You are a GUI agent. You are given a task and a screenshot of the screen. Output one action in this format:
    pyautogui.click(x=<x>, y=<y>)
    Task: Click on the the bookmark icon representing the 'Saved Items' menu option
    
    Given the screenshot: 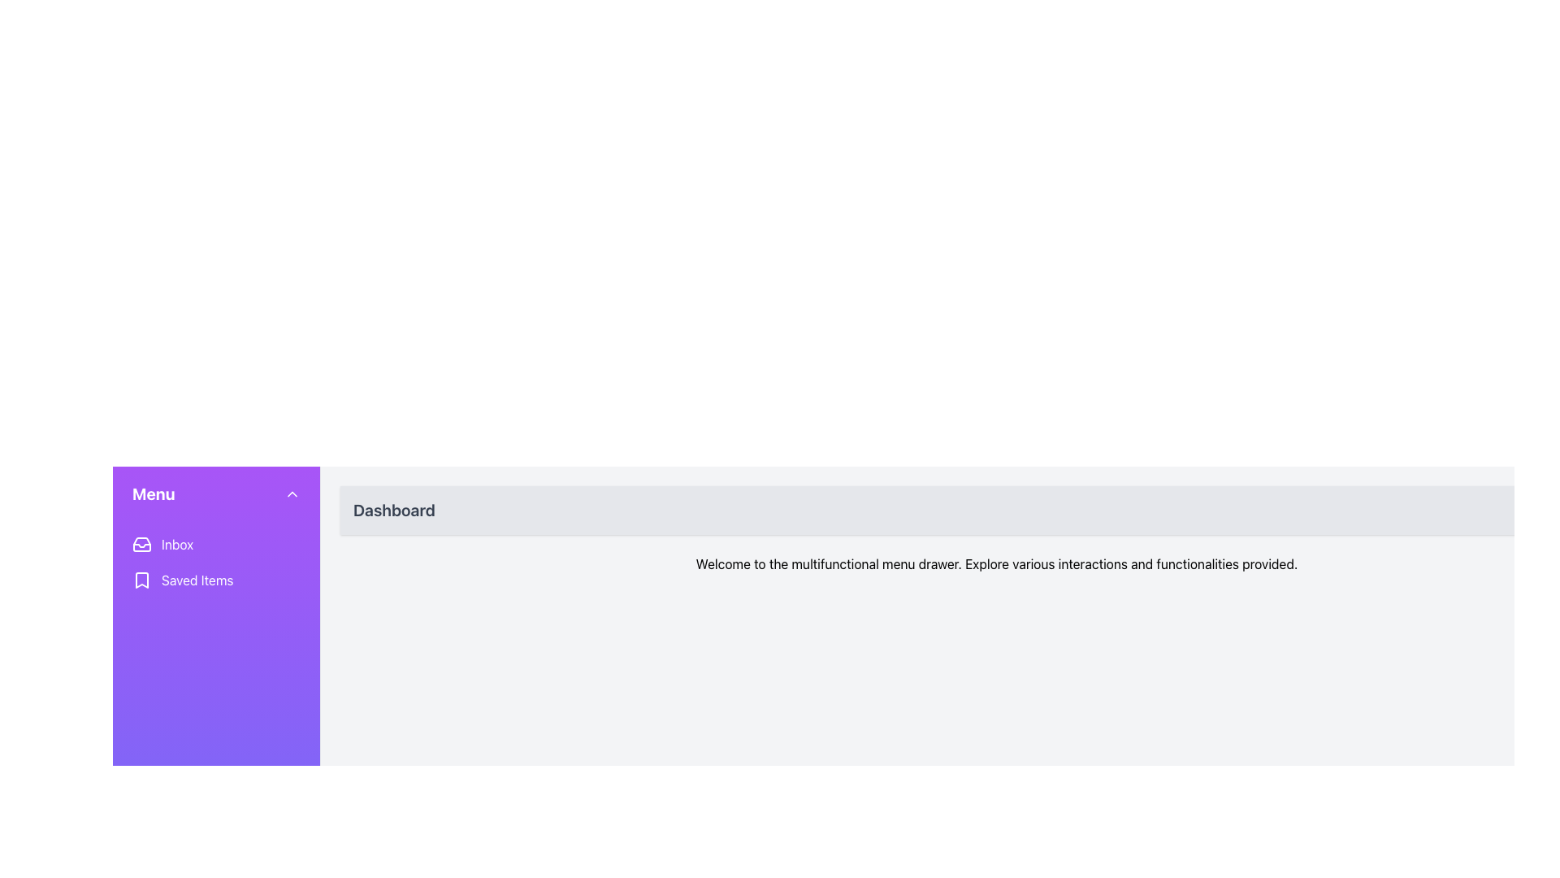 What is the action you would take?
    pyautogui.click(x=141, y=579)
    